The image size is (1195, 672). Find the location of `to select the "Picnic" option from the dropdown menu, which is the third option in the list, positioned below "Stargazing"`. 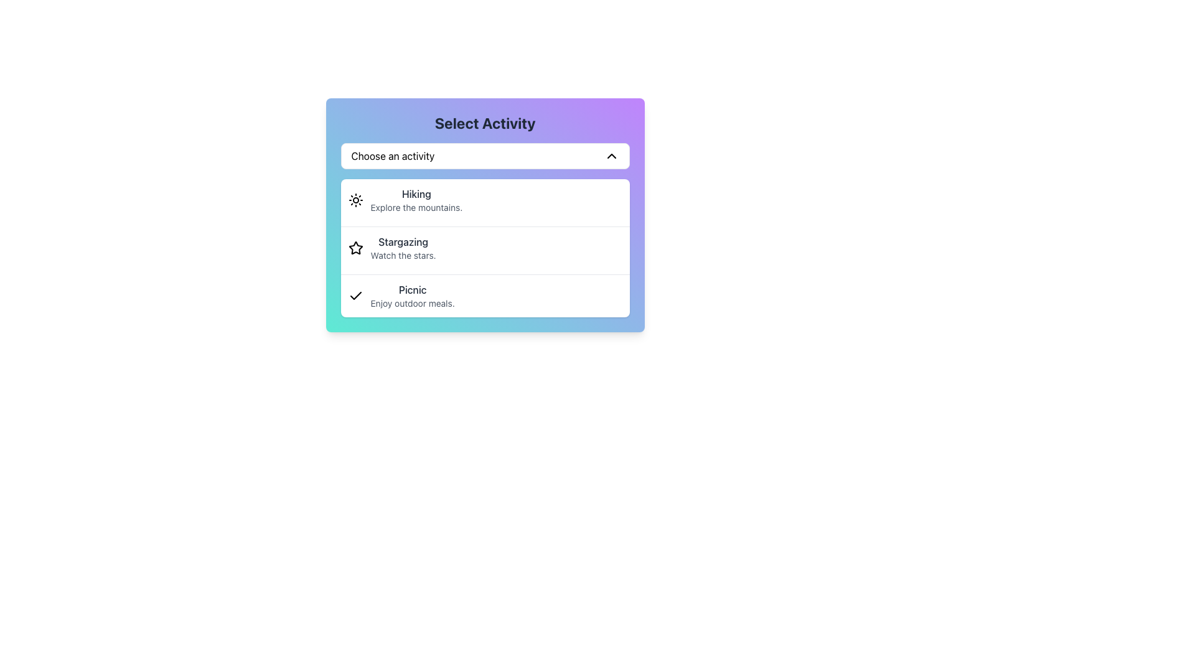

to select the "Picnic" option from the dropdown menu, which is the third option in the list, positioned below "Stargazing" is located at coordinates (484, 296).